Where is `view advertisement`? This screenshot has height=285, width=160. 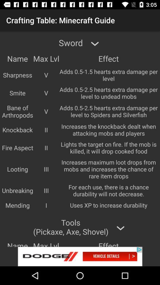 view advertisement is located at coordinates (80, 256).